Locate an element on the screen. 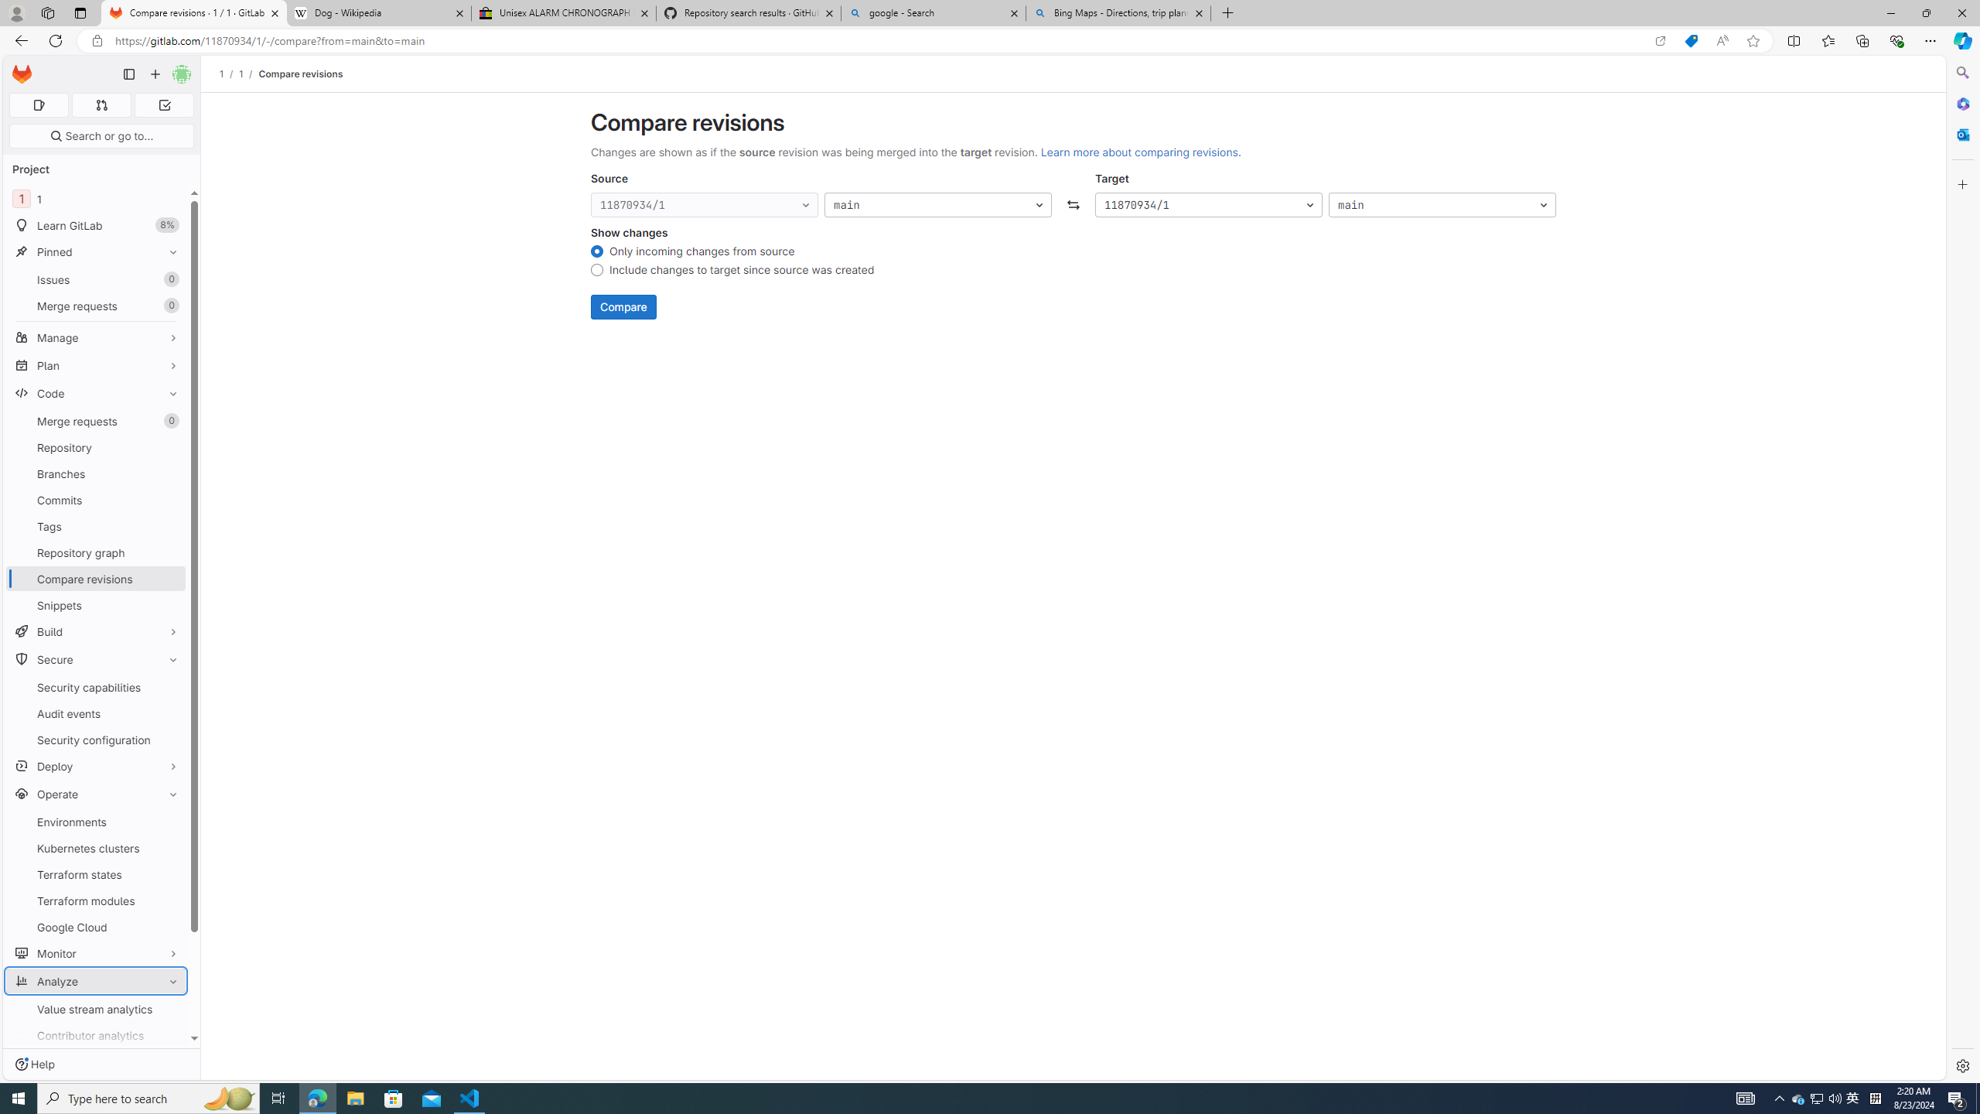  'Commits' is located at coordinates (95, 500).